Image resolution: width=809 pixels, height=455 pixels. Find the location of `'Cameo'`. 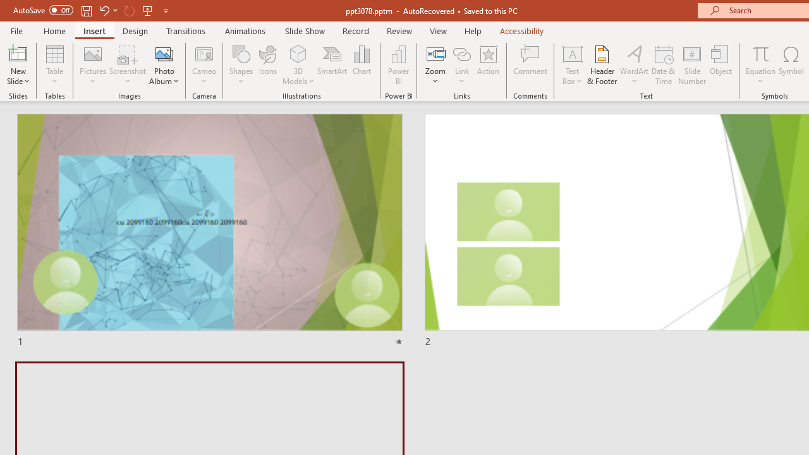

'Cameo' is located at coordinates (204, 65).